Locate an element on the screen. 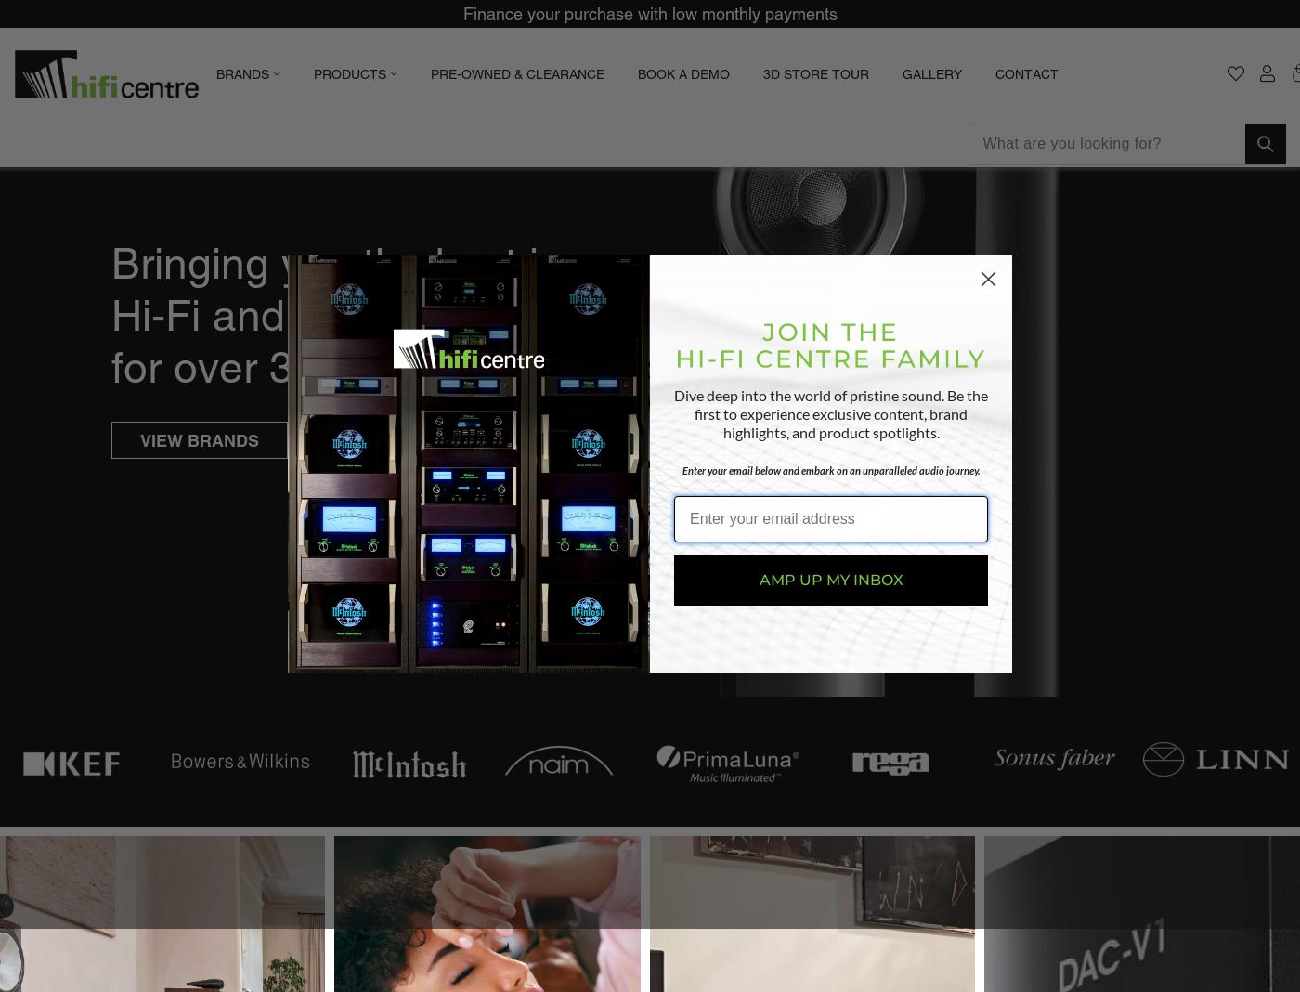 The height and width of the screenshot is (992, 1300). 'Estelon' is located at coordinates (398, 217).